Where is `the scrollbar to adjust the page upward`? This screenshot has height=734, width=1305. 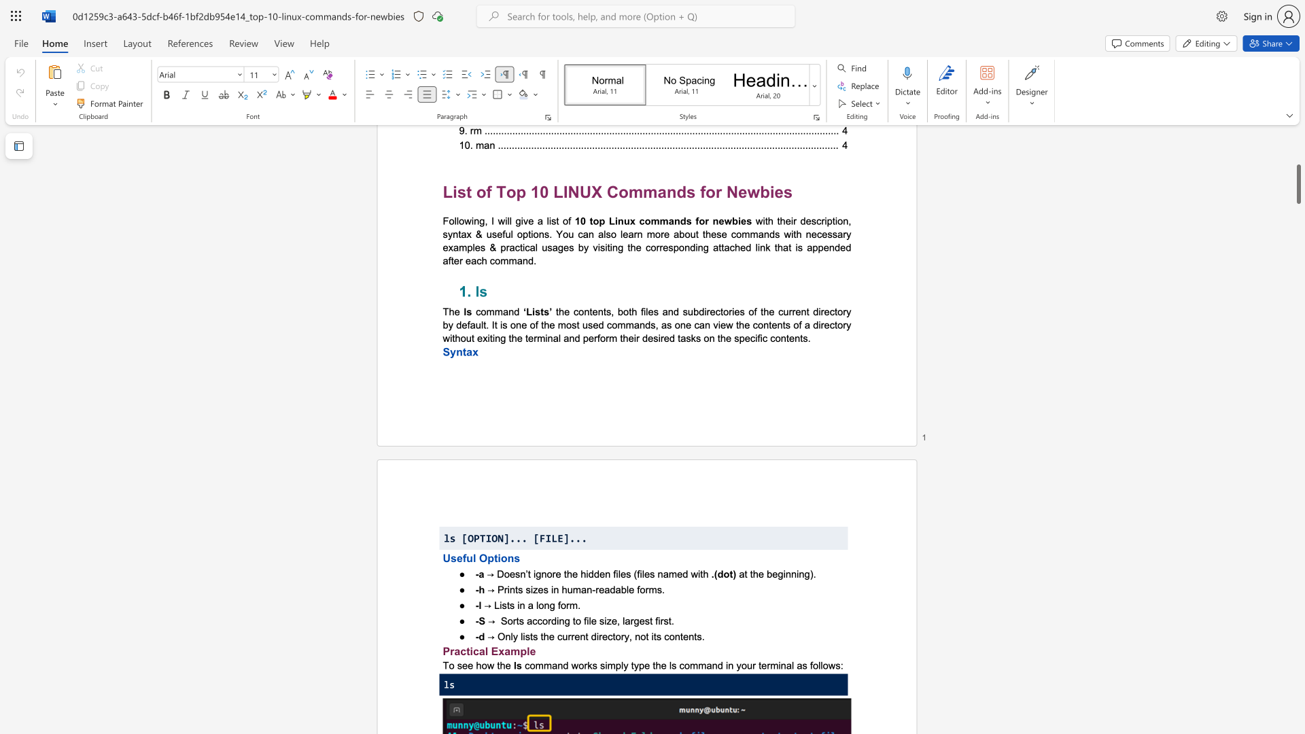
the scrollbar to adjust the page upward is located at coordinates (1298, 183).